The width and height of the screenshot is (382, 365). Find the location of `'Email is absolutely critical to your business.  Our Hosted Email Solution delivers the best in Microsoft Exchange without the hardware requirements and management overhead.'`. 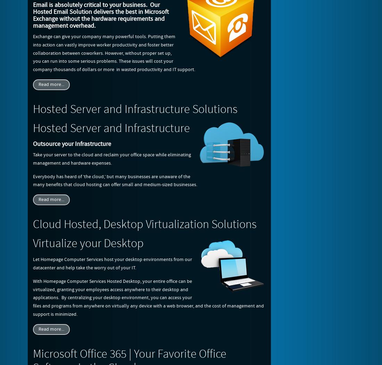

'Email is absolutely critical to your business.  Our Hosted Email Solution delivers the best in Microsoft Exchange without the hardware requirements and management overhead.' is located at coordinates (100, 15).